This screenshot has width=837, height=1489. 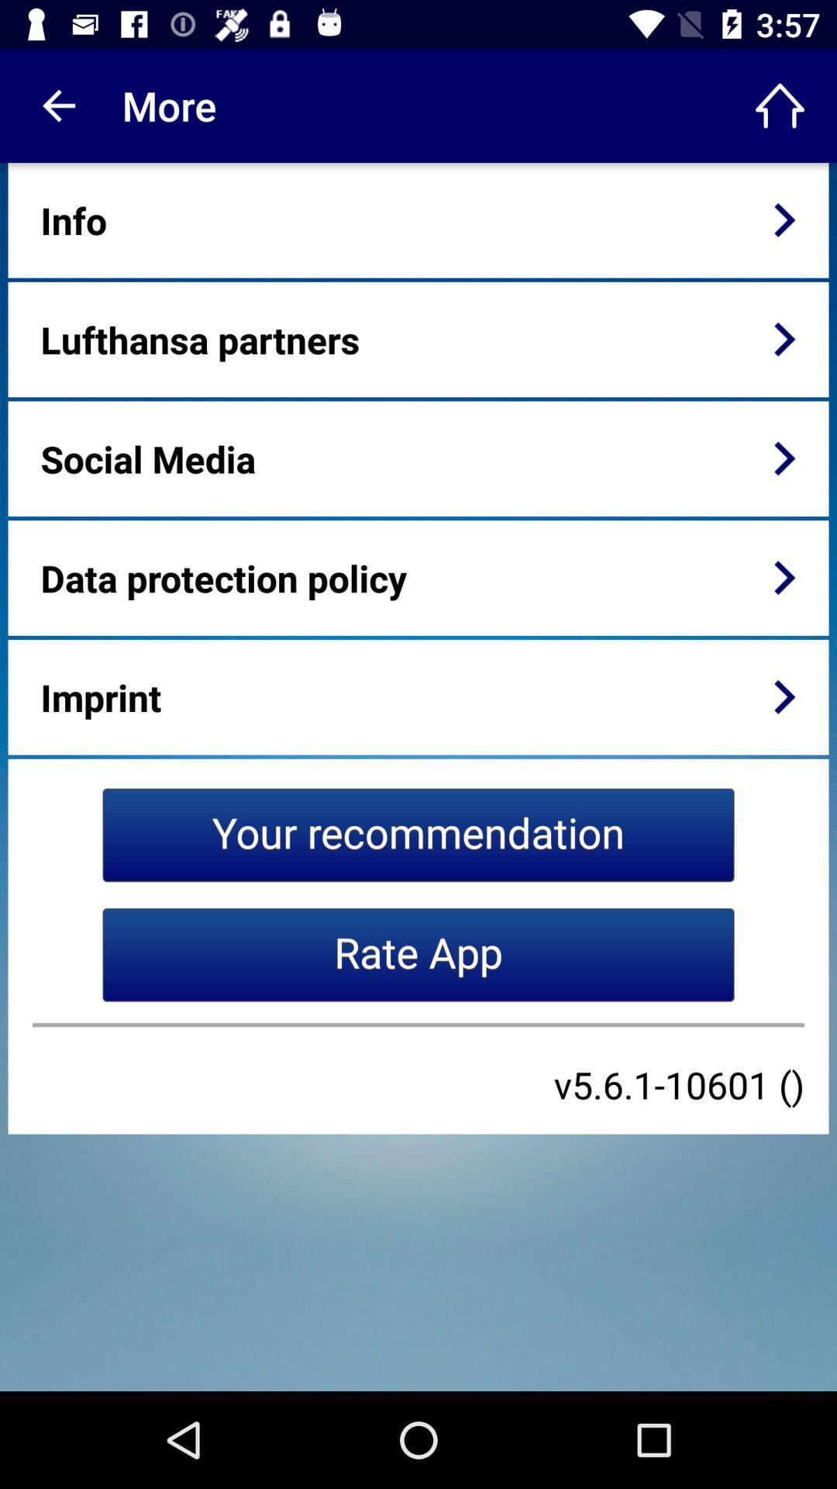 What do you see at coordinates (56, 105) in the screenshot?
I see `the icon above the info` at bounding box center [56, 105].